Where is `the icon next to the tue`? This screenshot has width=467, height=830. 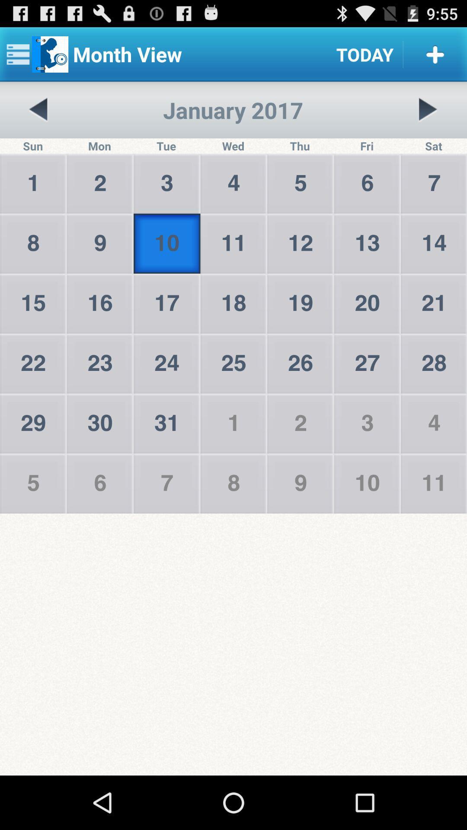
the icon next to the tue is located at coordinates (38, 109).